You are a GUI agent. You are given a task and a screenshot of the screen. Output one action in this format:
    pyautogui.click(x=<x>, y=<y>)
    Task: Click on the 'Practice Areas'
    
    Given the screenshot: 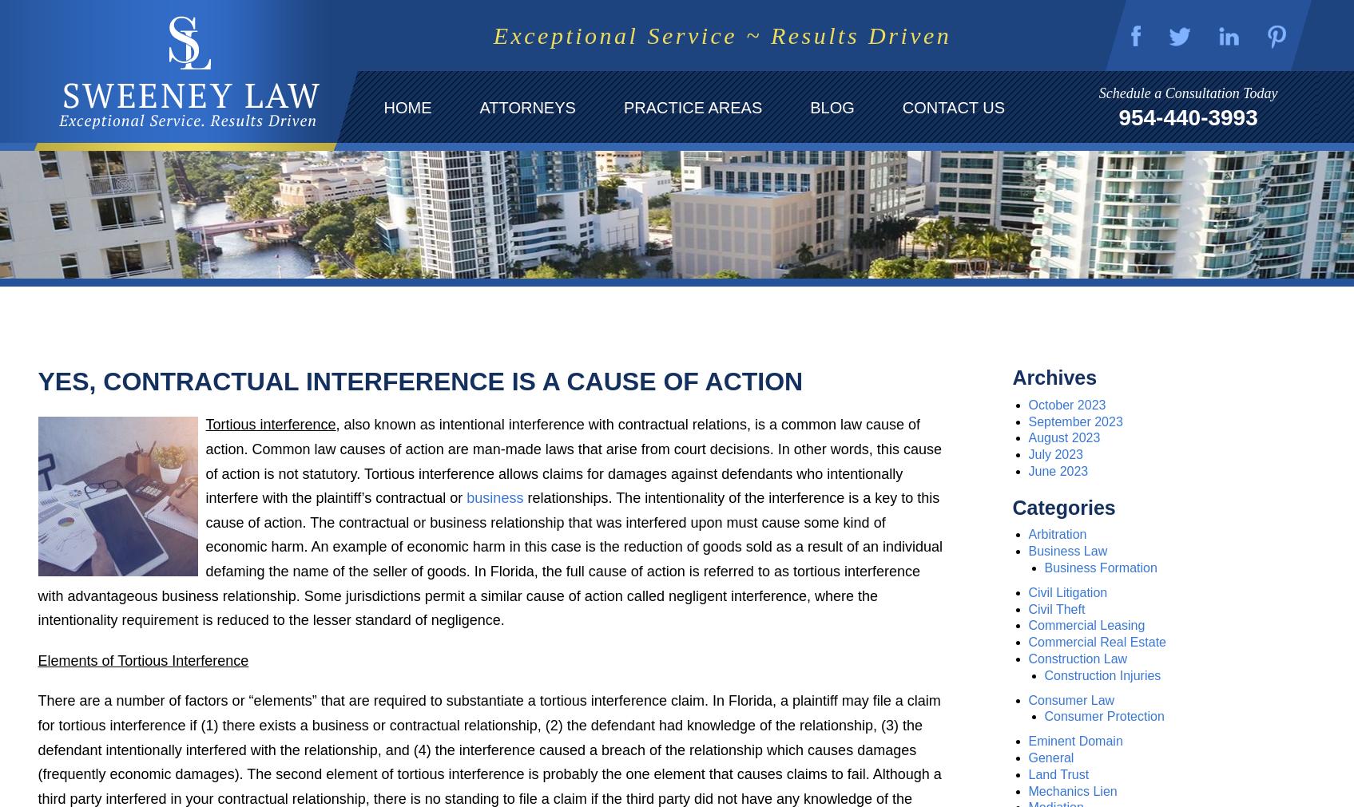 What is the action you would take?
    pyautogui.click(x=691, y=106)
    